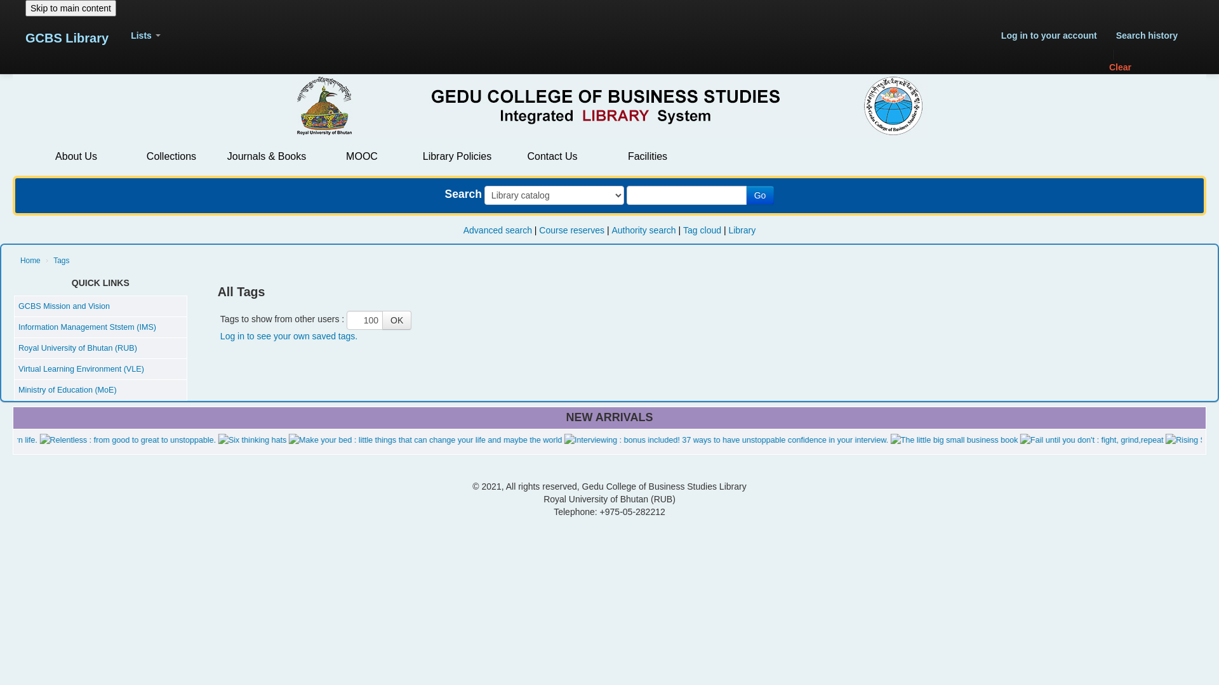  Describe the element at coordinates (611, 230) in the screenshot. I see `'Authority search'` at that location.